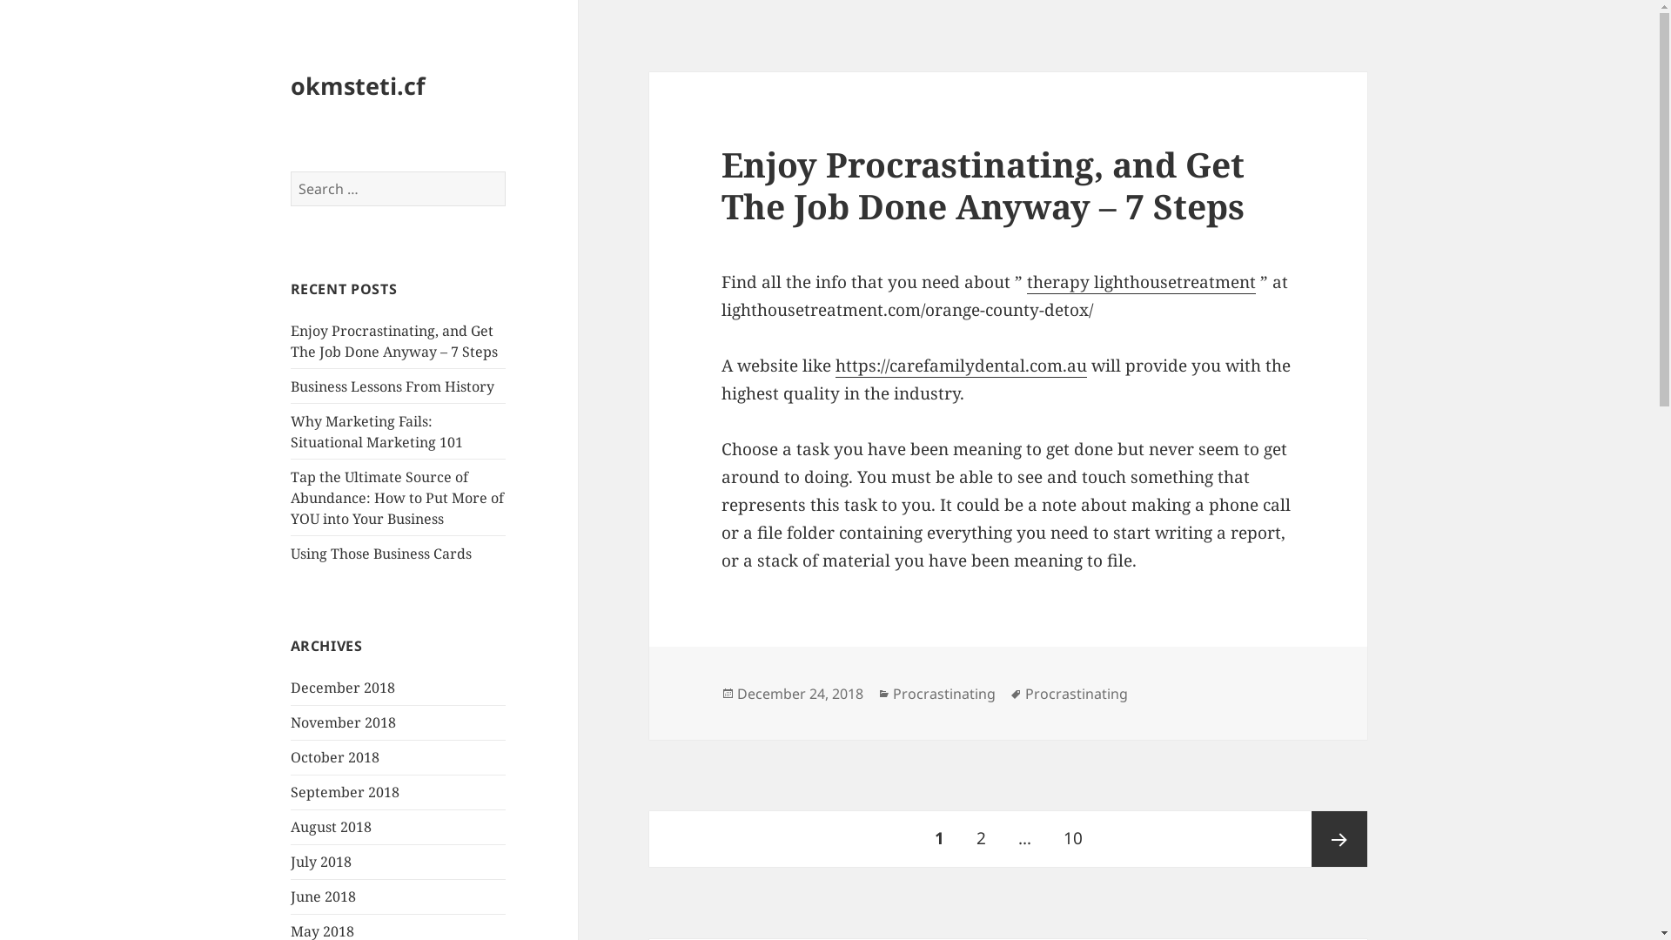 The height and width of the screenshot is (940, 1671). What do you see at coordinates (334, 756) in the screenshot?
I see `'October 2018'` at bounding box center [334, 756].